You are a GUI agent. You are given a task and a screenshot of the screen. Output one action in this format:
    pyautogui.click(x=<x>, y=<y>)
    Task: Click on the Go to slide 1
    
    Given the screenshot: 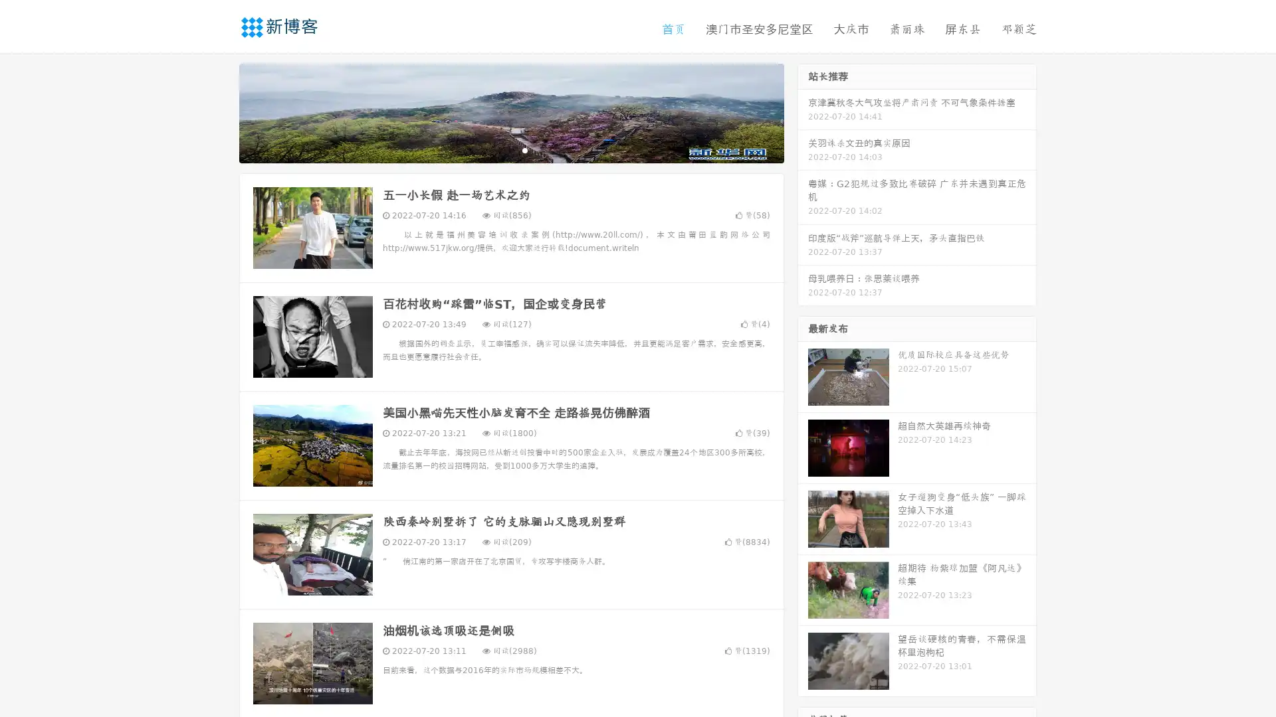 What is the action you would take?
    pyautogui.click(x=497, y=149)
    